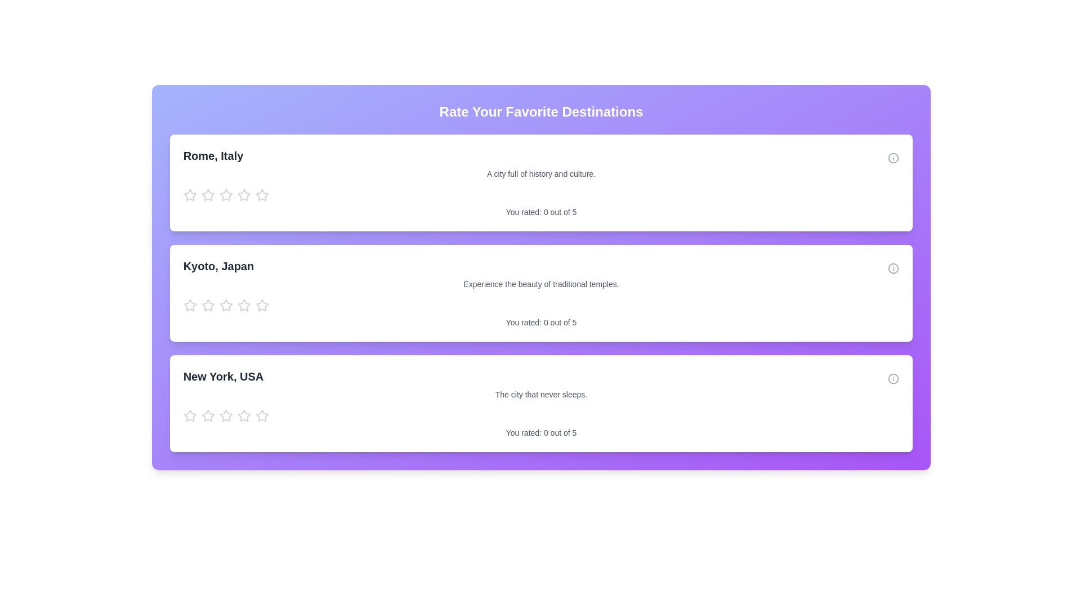 This screenshot has width=1081, height=608. Describe the element at coordinates (225, 416) in the screenshot. I see `the fourth star-shaped interactive rating icon, which is gray by default and turns yellow when hovered over, located beneath the text 'New York, USA'` at that location.